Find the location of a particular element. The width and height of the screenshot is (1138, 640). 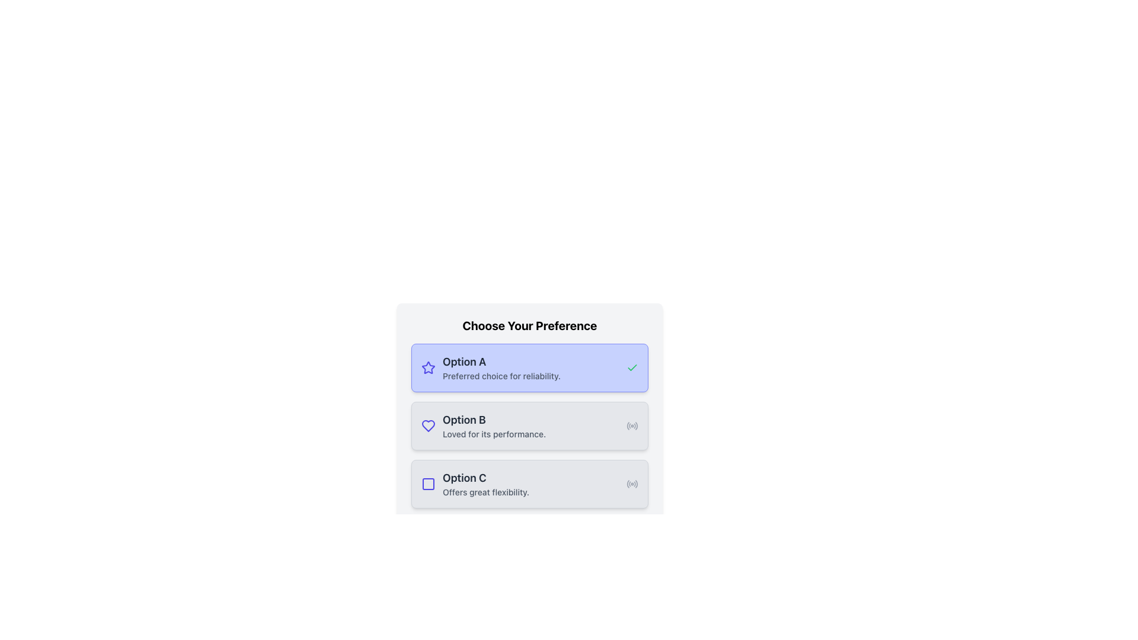

the thin curved line resembling part of a circular radio signal icon, styled with a gray stroke, located in the bottom-right corner of the 'Option C' card is located at coordinates (636, 484).